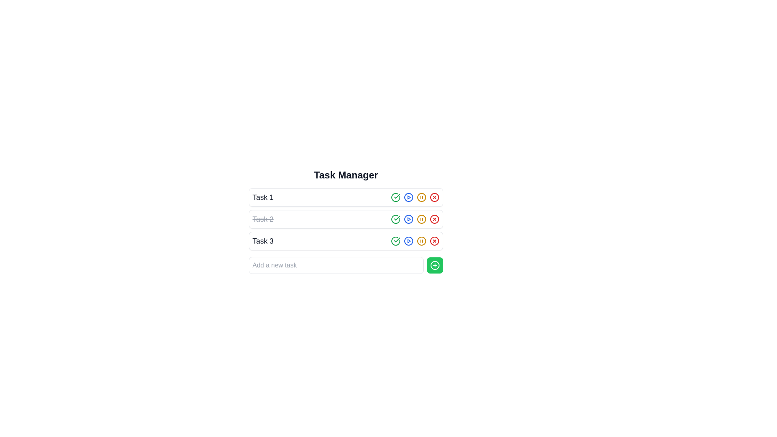 This screenshot has width=777, height=437. What do you see at coordinates (434, 197) in the screenshot?
I see `the red 'delete' button with an 'X' icon located on the far right of the 'Task 1' list entry to initiate a delete action` at bounding box center [434, 197].